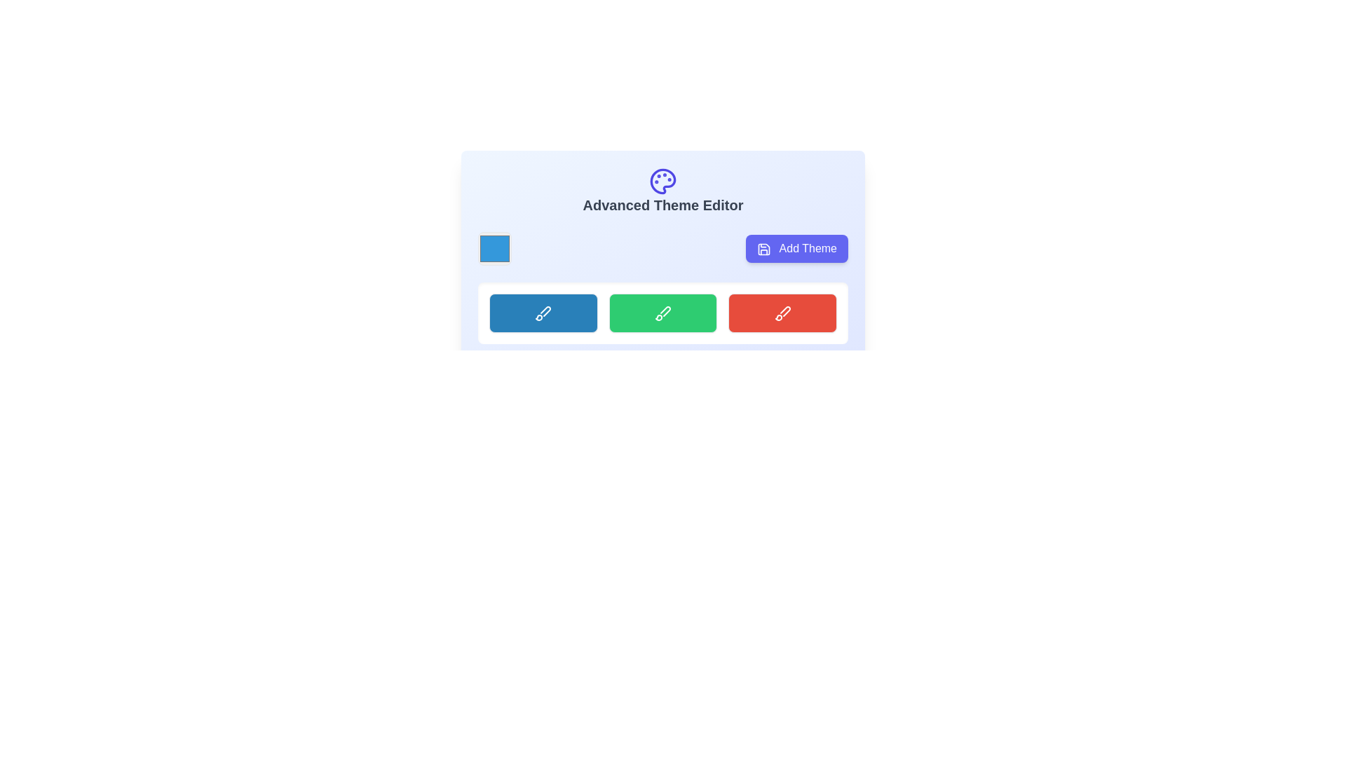 This screenshot has width=1346, height=757. I want to click on the main circular boundary of the purple palette icon located at the top center of the interface, so click(662, 180).